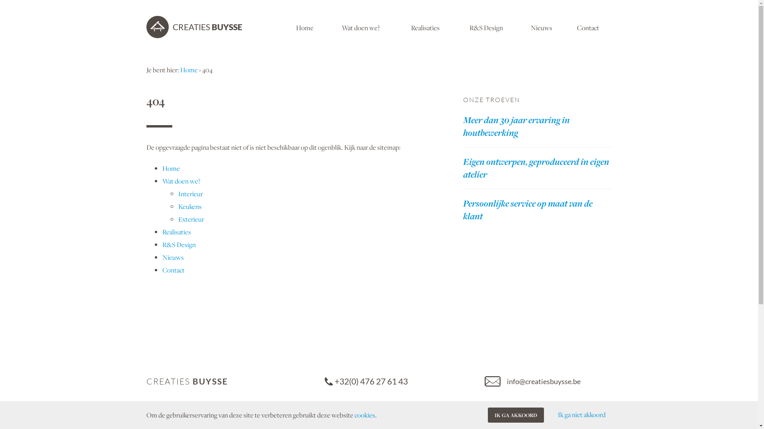 This screenshot has height=429, width=764. What do you see at coordinates (425, 27) in the screenshot?
I see `'Realisaties'` at bounding box center [425, 27].